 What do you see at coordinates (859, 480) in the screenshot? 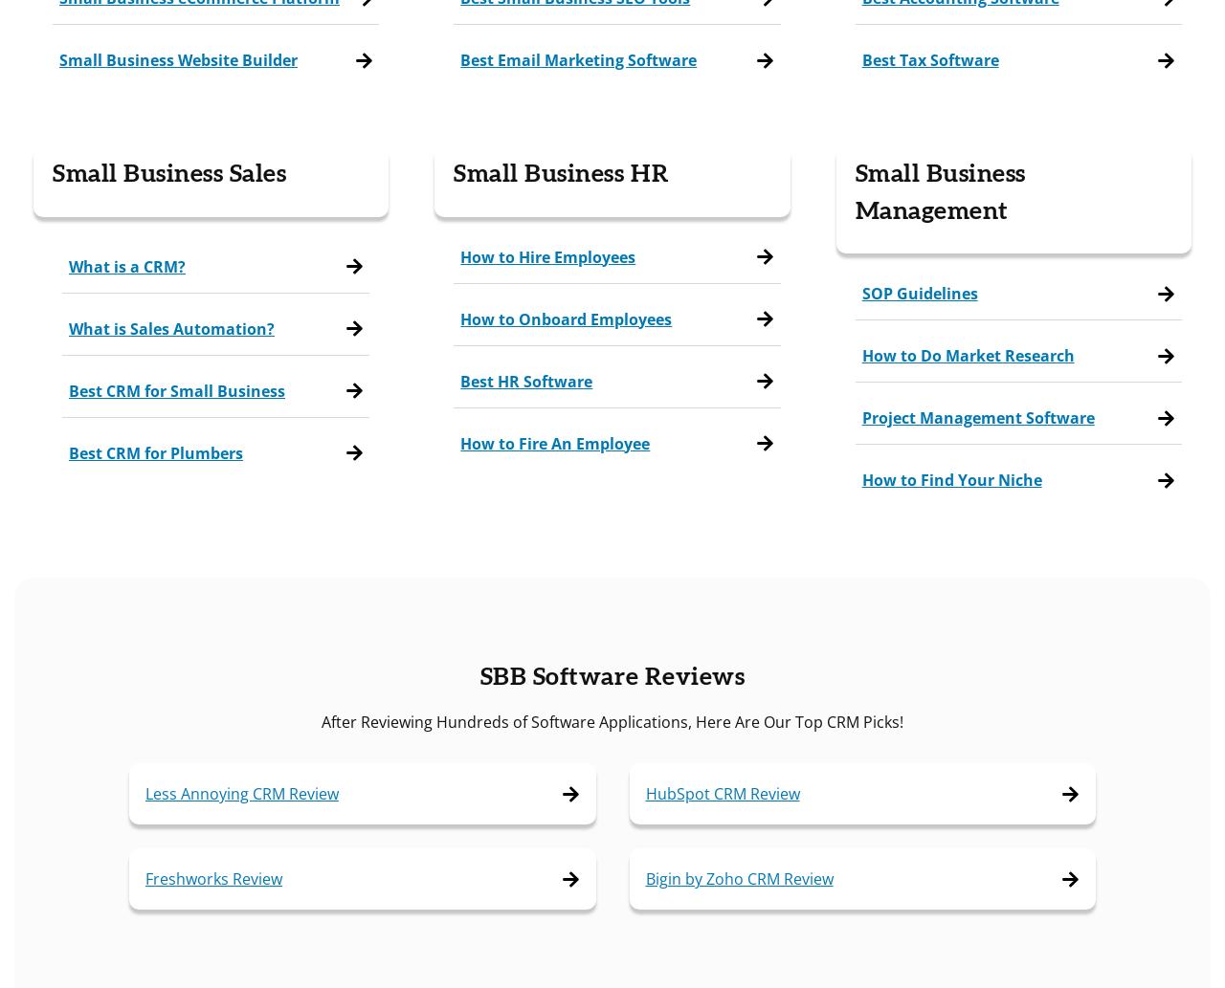
I see `'How to Find Your Niche'` at bounding box center [859, 480].